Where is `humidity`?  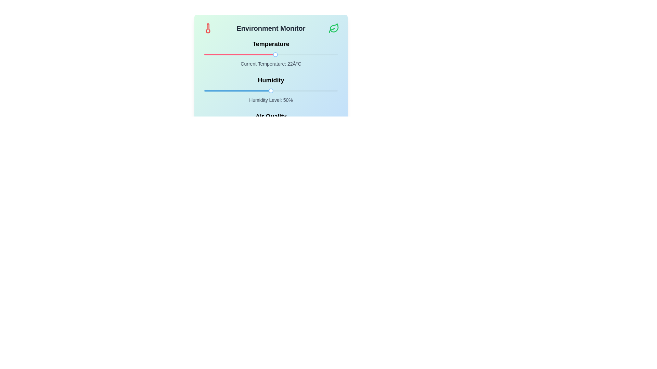
humidity is located at coordinates (268, 91).